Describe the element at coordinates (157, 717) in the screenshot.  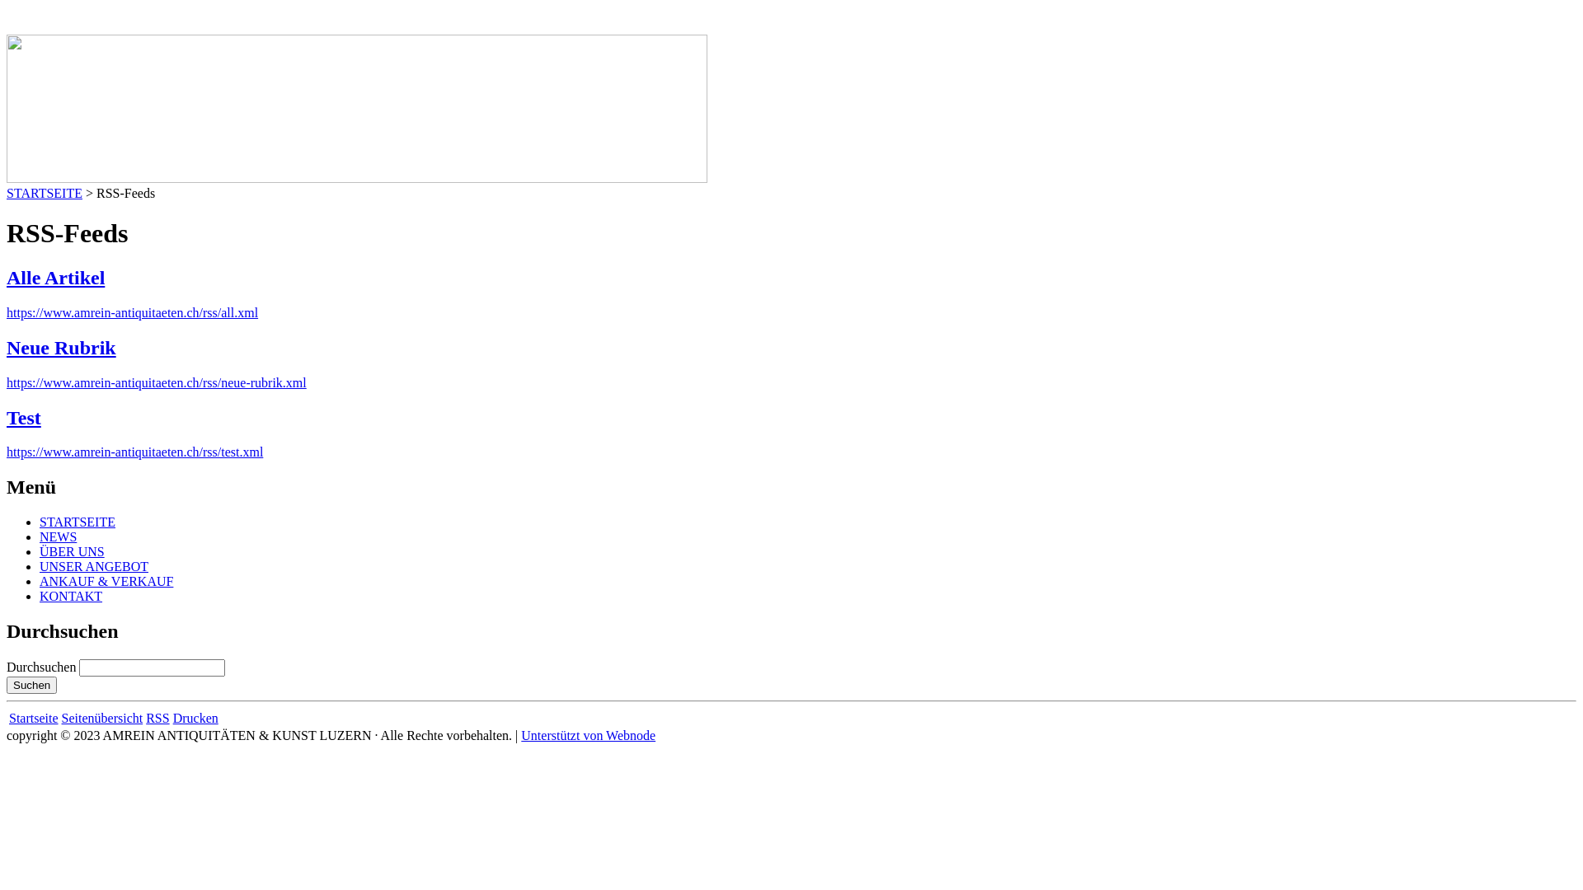
I see `'RSS'` at that location.